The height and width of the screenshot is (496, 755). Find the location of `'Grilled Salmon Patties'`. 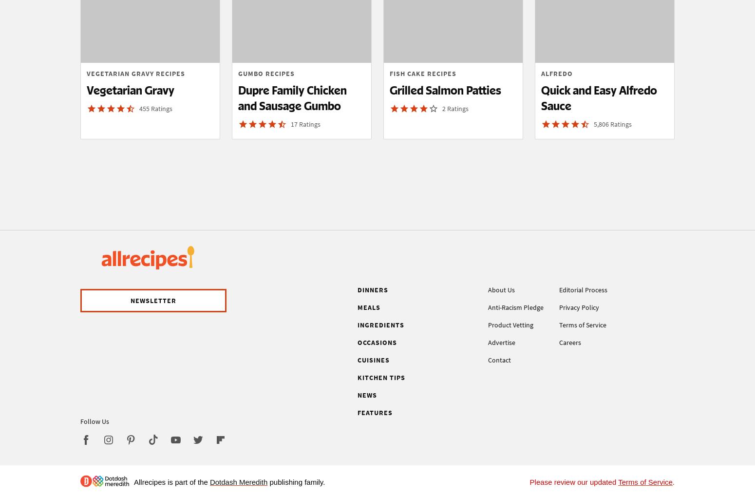

'Grilled Salmon Patties' is located at coordinates (445, 90).